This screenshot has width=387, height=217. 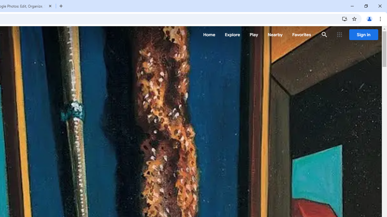 What do you see at coordinates (344, 18) in the screenshot?
I see `'Install Google Arts & Culture'` at bounding box center [344, 18].